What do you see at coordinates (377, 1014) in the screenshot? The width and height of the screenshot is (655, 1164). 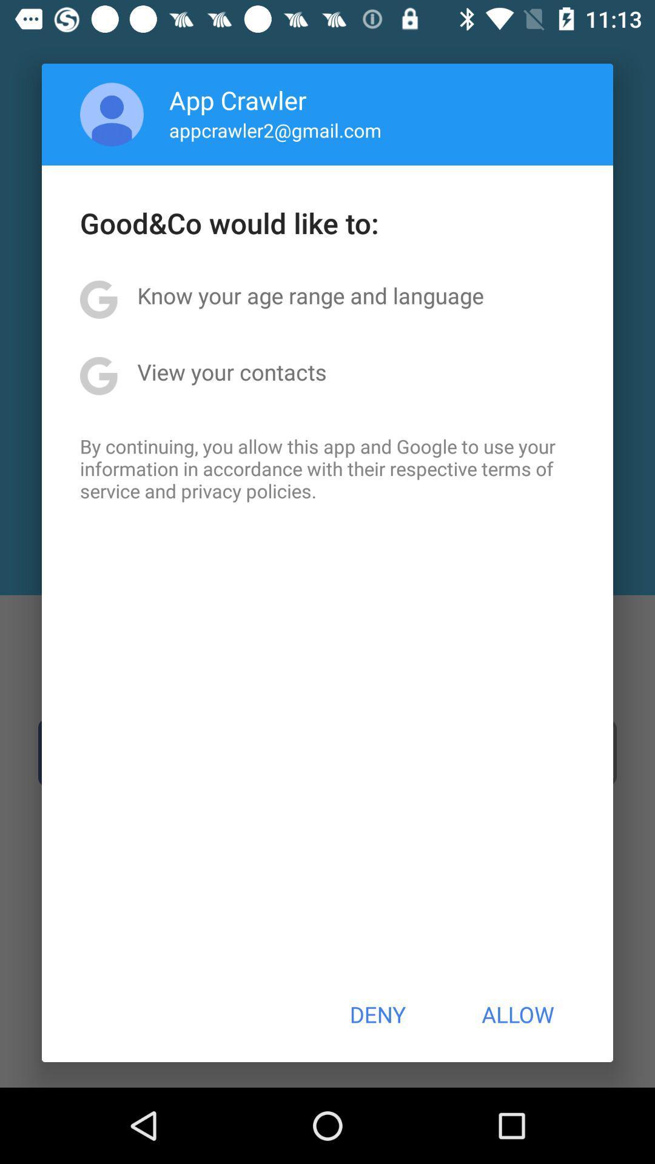 I see `the item below by continuing you` at bounding box center [377, 1014].